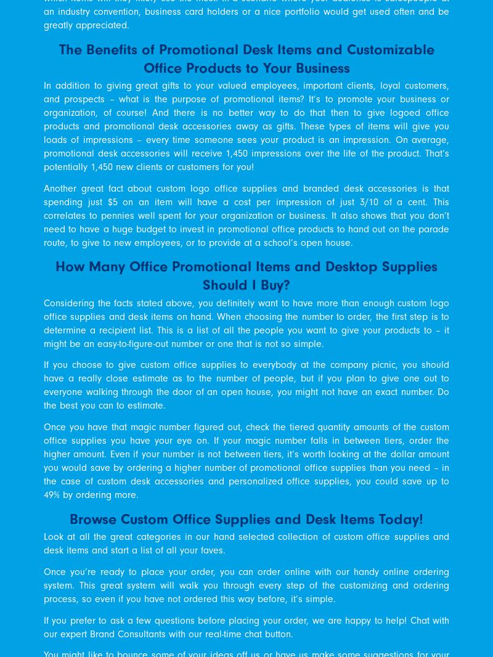 This screenshot has height=657, width=493. I want to click on 'Once you have that magic number figured out, check the tiered quantity amounts of the custom office supplies you have your eye on. If your magic number falls in between tiers, order the higher amount. Even if your number is not between tiers, it’s worth looking at the dollar amount you would save by ordering a higher number of promotional office supplies than you need – in the case of custom desk accessories and personalized office supplies, you could save up to 49% by ordering more.', so click(246, 460).